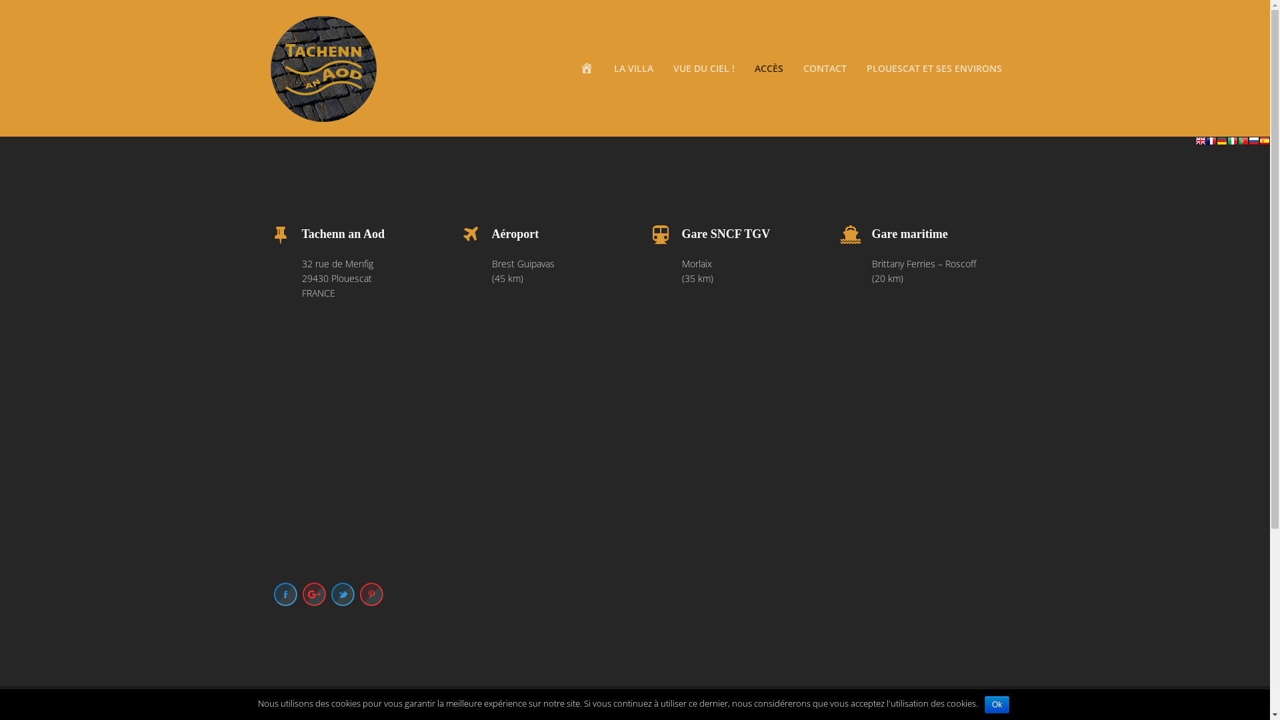  Describe the element at coordinates (823, 68) in the screenshot. I see `'CONTACT'` at that location.